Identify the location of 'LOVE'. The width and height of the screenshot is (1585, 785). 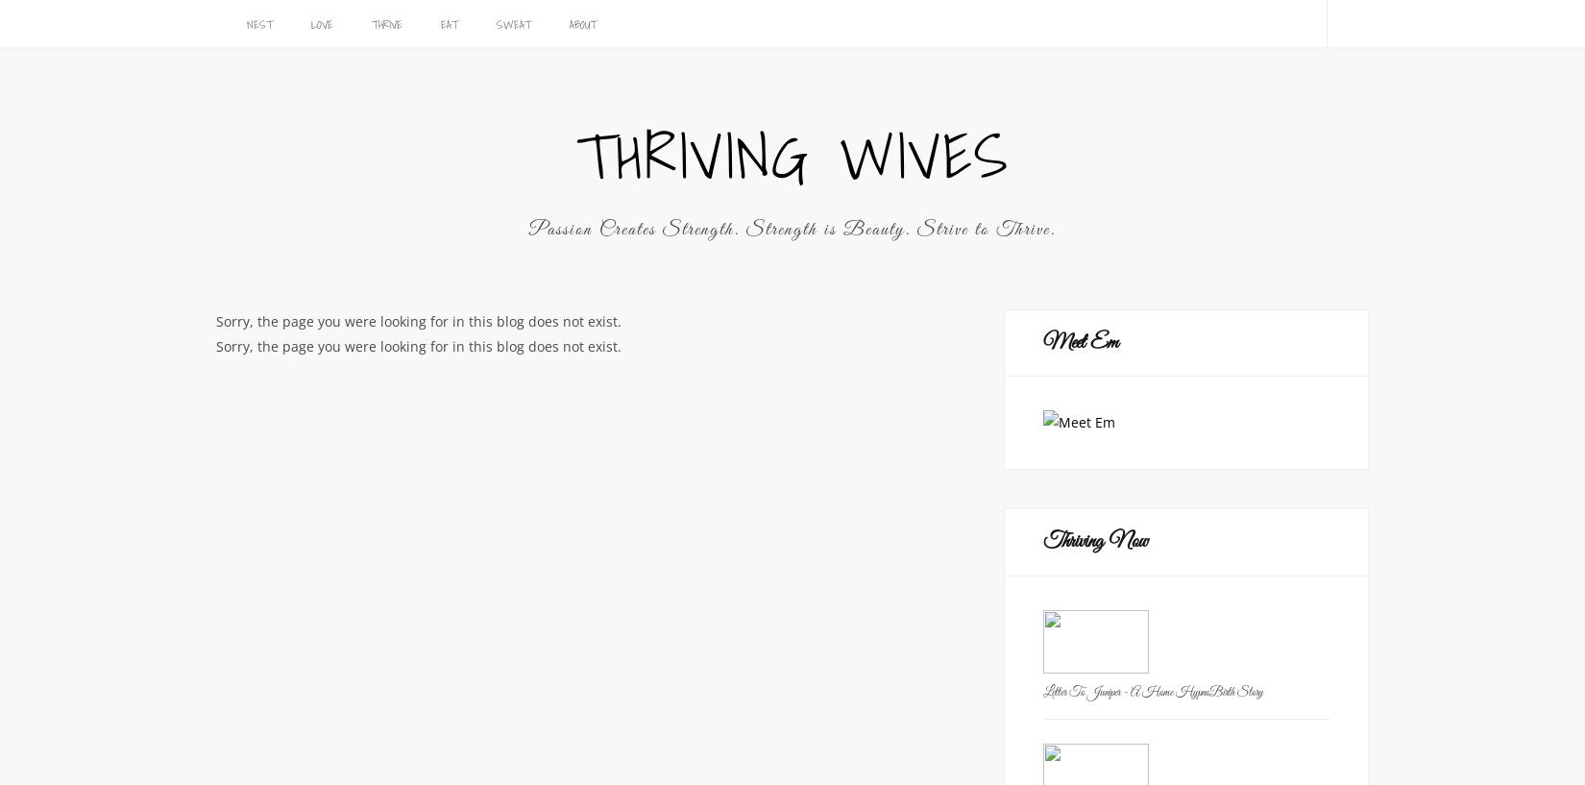
(322, 23).